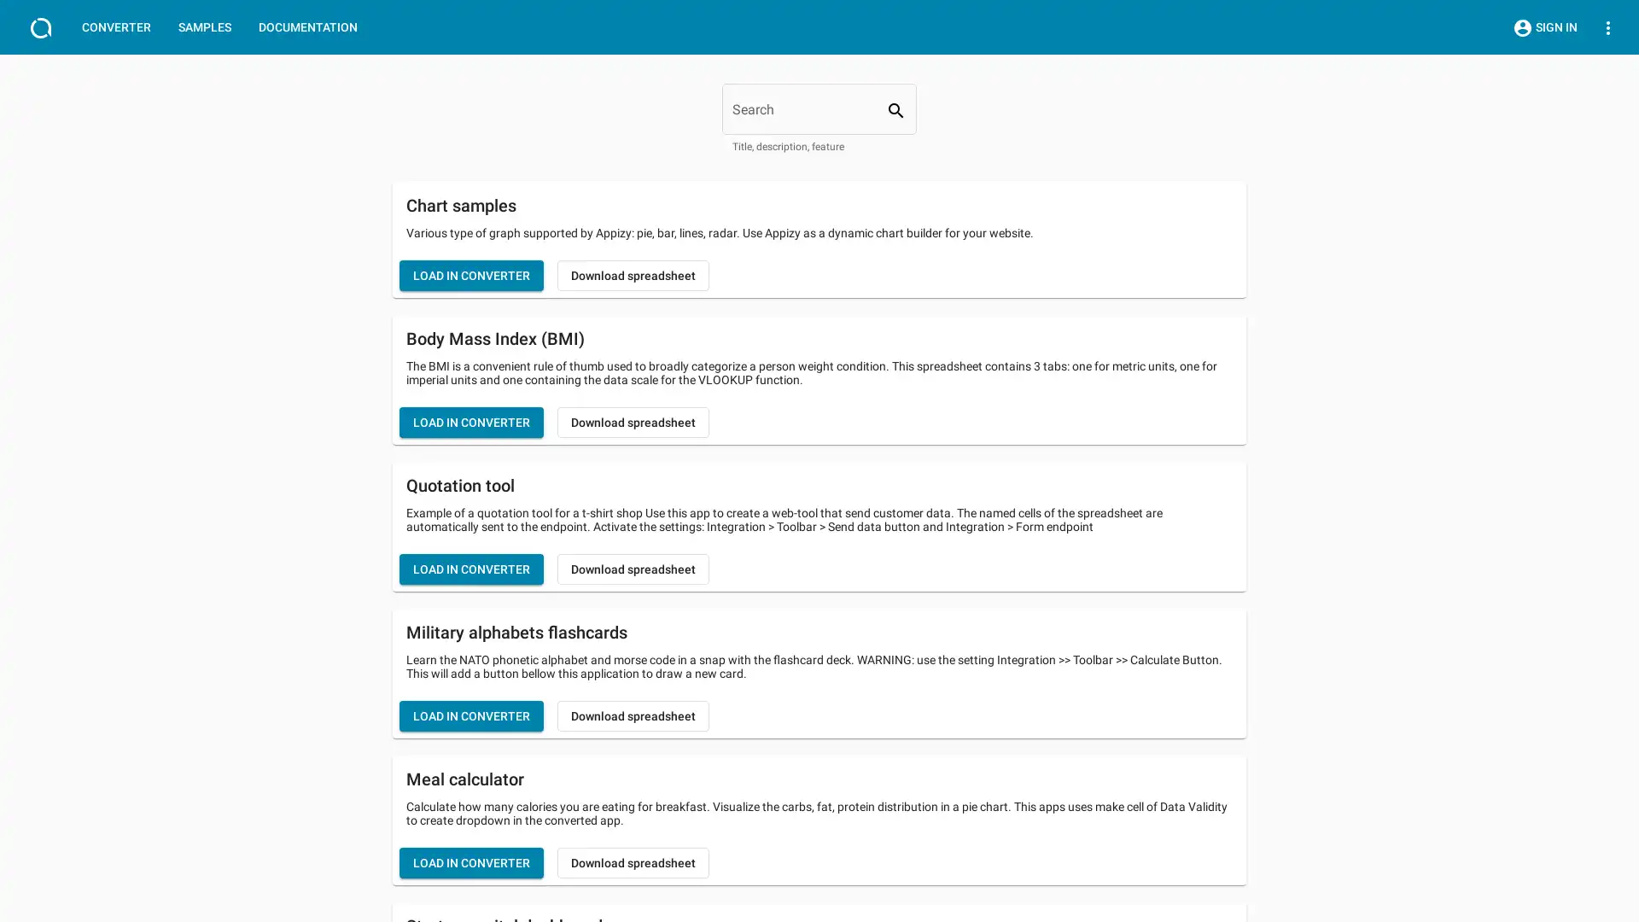 This screenshot has width=1639, height=922. What do you see at coordinates (471, 862) in the screenshot?
I see `LOAD IN CONVERTER` at bounding box center [471, 862].